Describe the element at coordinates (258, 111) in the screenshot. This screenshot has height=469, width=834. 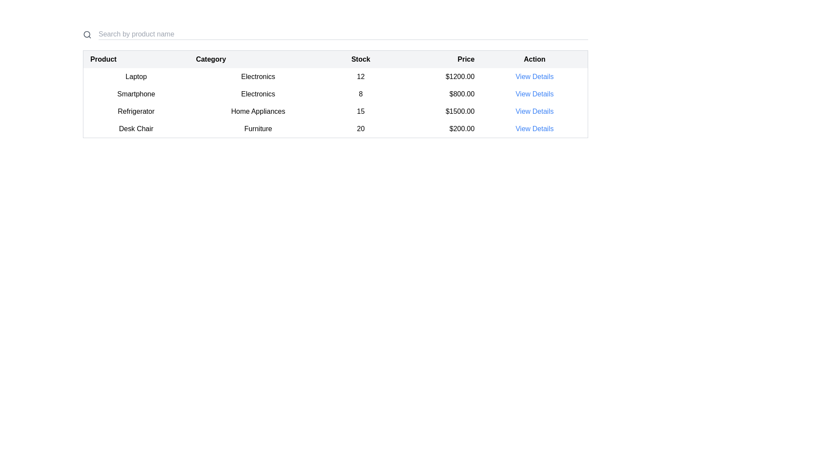
I see `the Text Label displaying the category 'Refrigerator' in the second column of the third row of the table` at that location.